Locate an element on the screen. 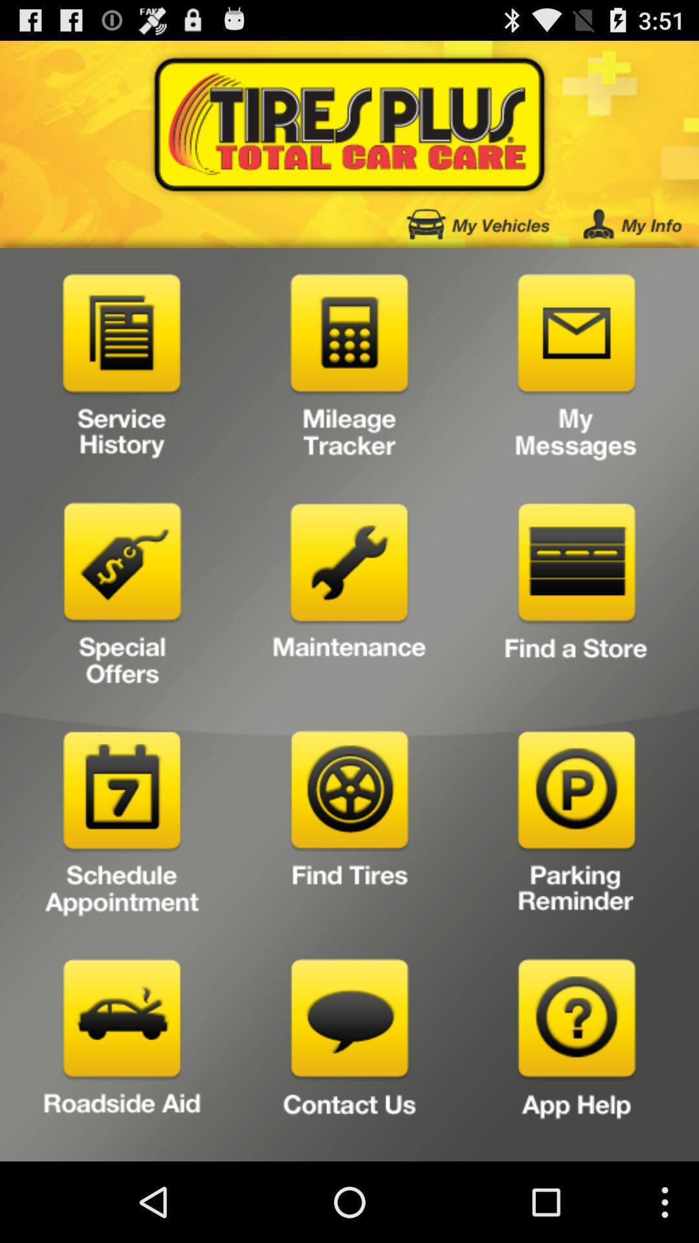  see special offers is located at coordinates (122, 598).